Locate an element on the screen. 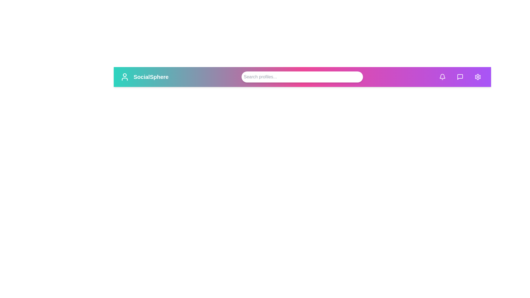 This screenshot has height=298, width=530. the bell icon to view notifications is located at coordinates (442, 77).